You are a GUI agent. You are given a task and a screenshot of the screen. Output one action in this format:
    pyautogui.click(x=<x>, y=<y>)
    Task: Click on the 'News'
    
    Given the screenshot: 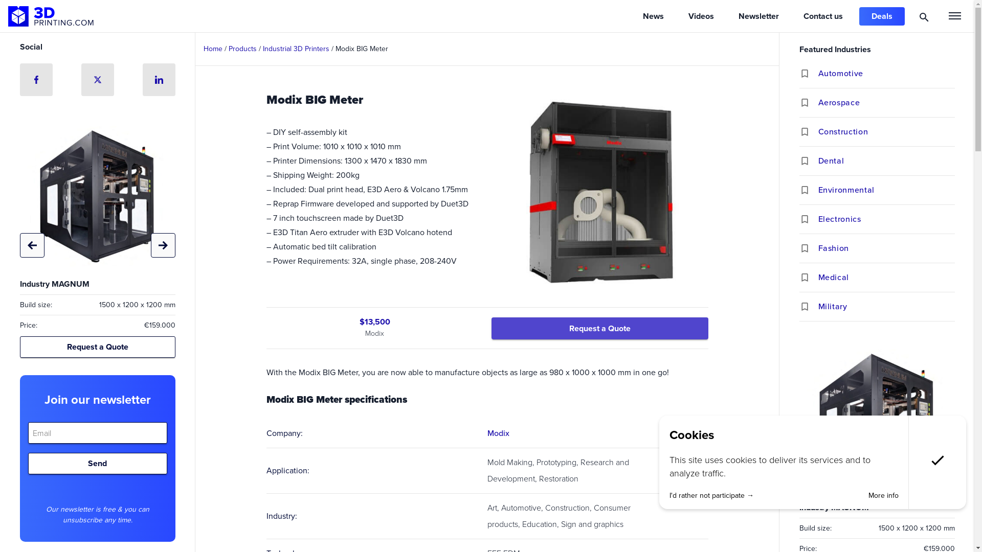 What is the action you would take?
    pyautogui.click(x=653, y=16)
    